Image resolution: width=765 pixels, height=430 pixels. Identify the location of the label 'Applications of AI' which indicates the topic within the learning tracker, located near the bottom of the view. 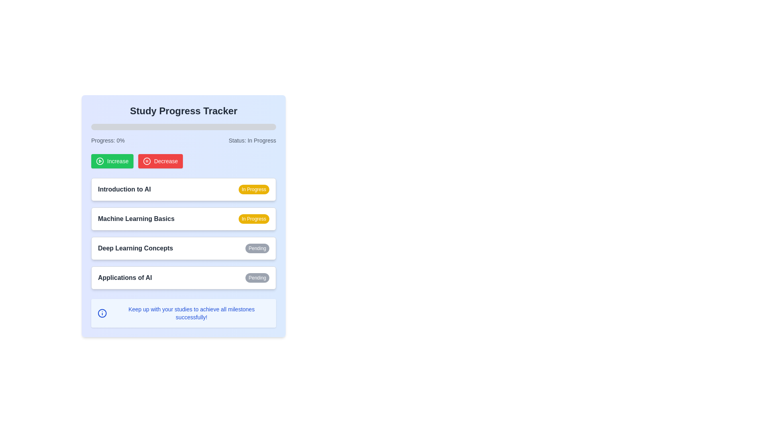
(124, 278).